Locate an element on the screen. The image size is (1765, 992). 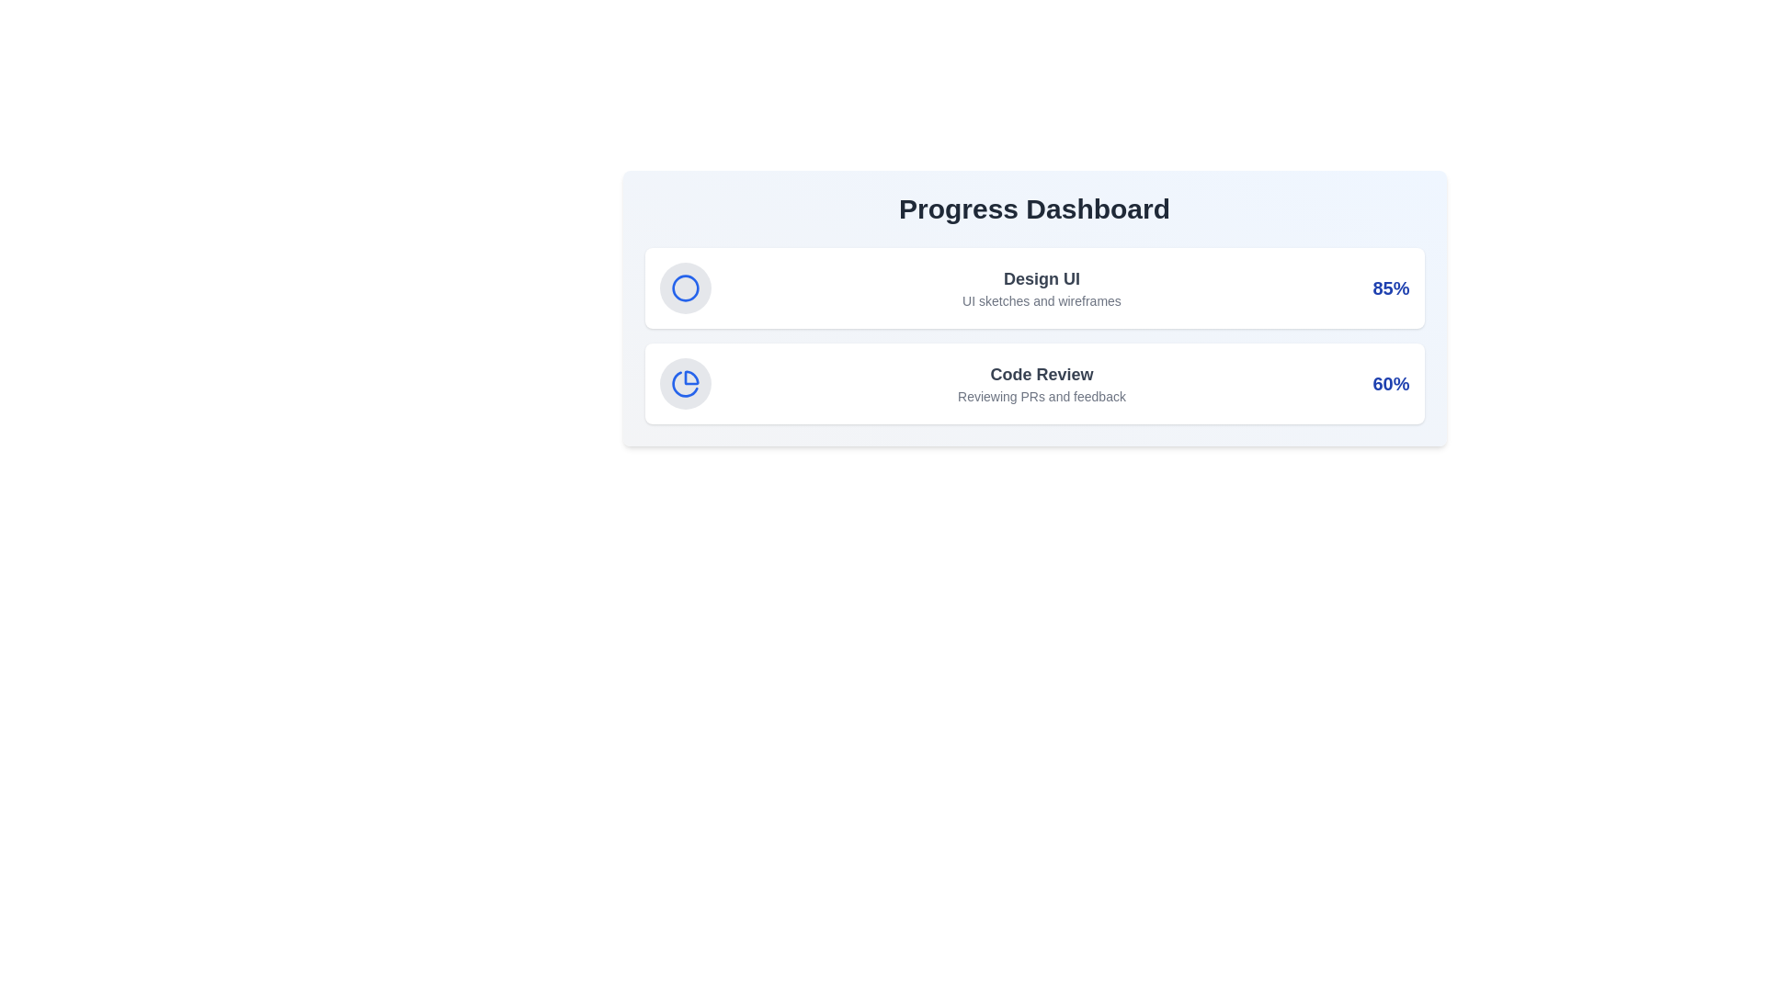
text from the 'Code Review' text label, which has a bold heading 'Code Review' and a smaller line 'Reviewing PRs and feedback', located centrally in the card-like area is located at coordinates (1042, 382).